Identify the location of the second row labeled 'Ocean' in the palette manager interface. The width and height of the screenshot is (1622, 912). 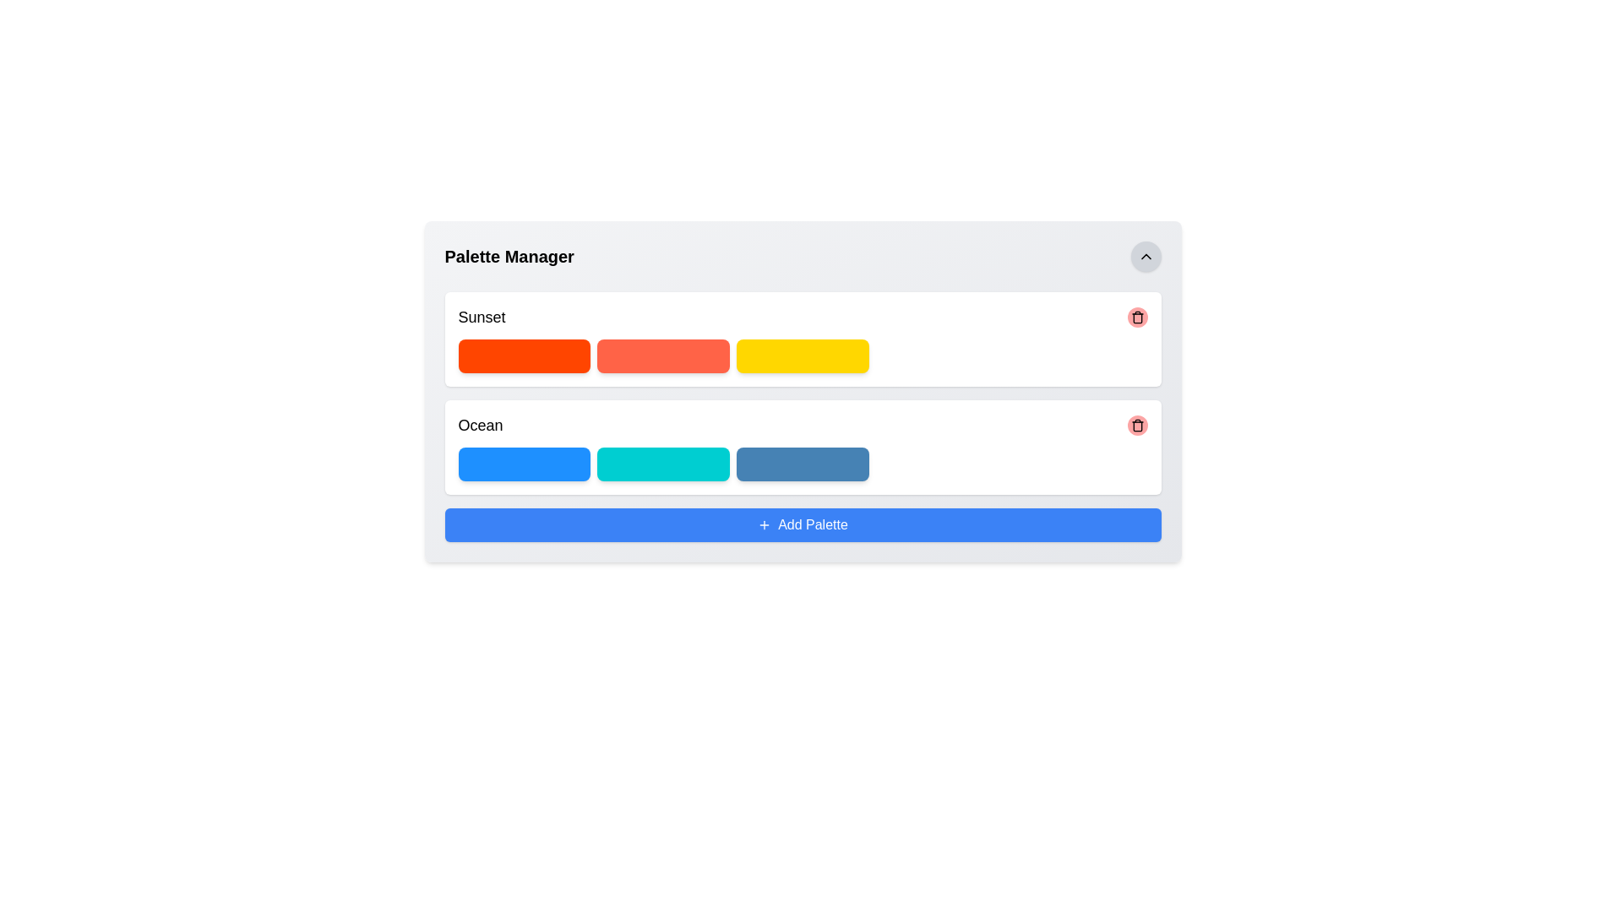
(802, 425).